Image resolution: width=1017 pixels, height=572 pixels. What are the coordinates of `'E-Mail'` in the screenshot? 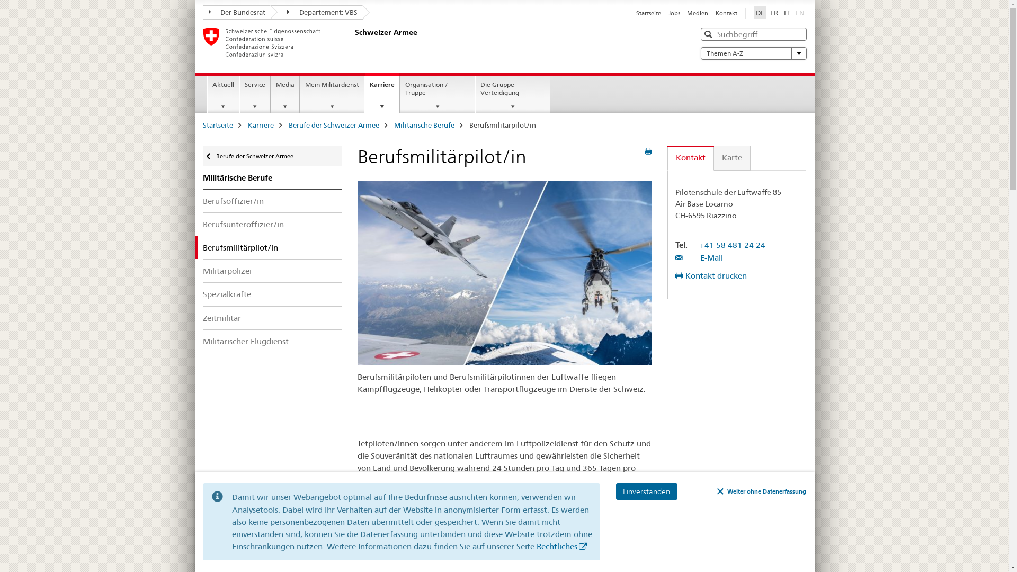 It's located at (699, 257).